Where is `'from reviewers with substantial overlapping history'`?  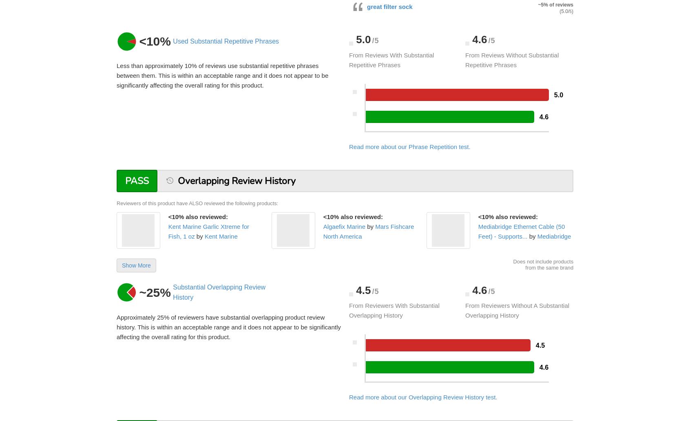 'from reviewers with substantial overlapping history' is located at coordinates (394, 310).